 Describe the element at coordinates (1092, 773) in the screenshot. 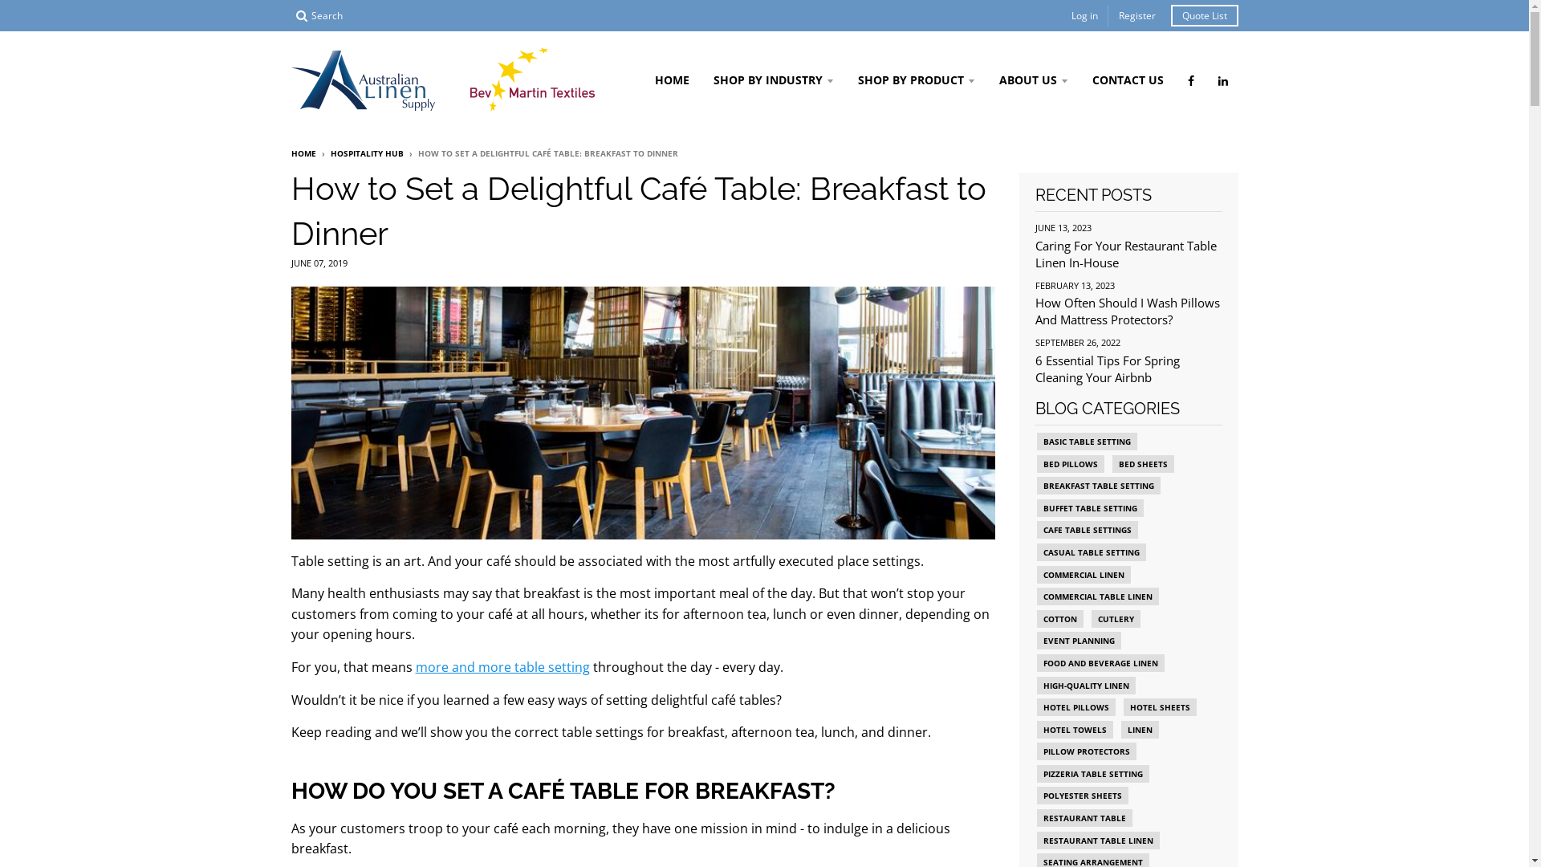

I see `'PIZZERIA TABLE SETTING'` at that location.